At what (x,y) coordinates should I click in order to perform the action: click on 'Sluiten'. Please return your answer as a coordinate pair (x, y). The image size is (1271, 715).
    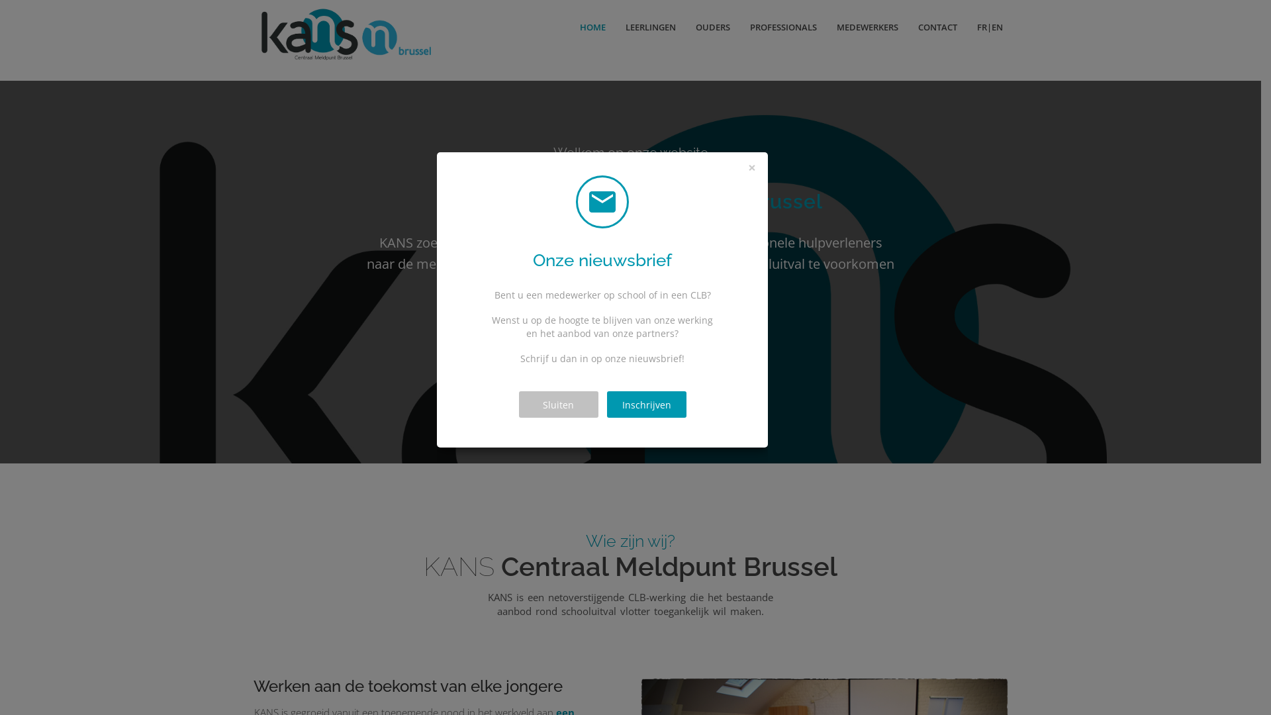
    Looking at the image, I should click on (518, 403).